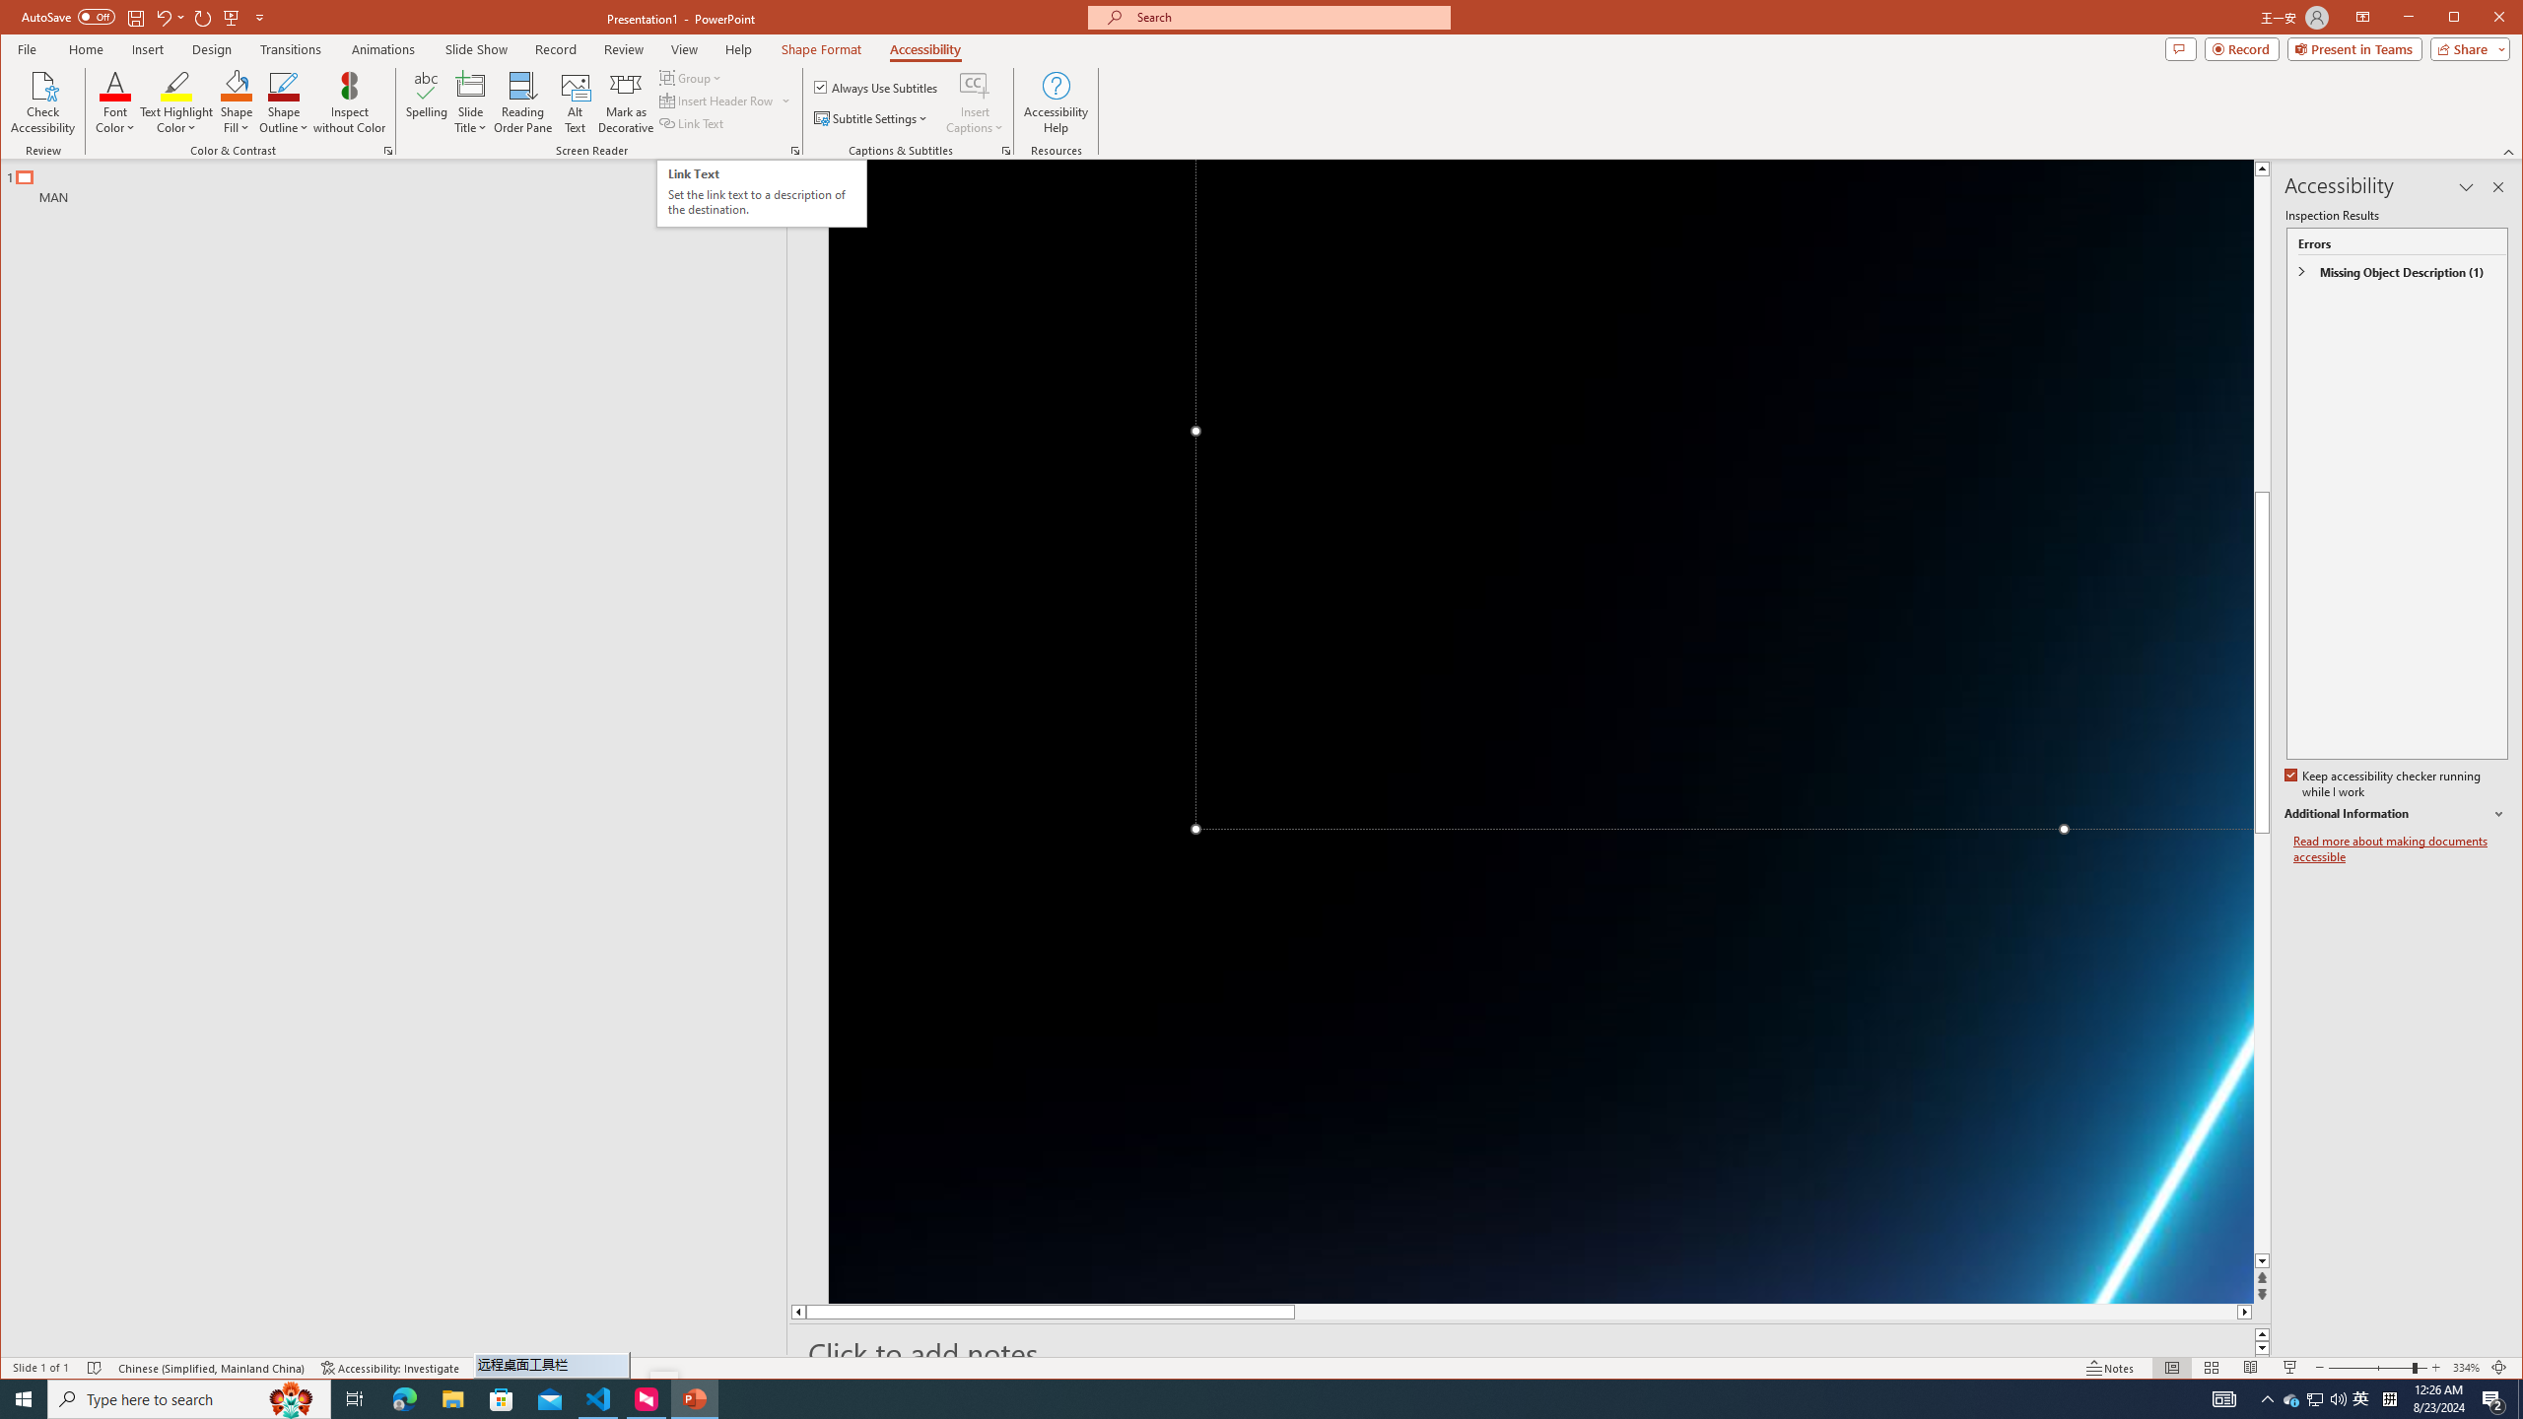 The height and width of the screenshot is (1419, 2523). What do you see at coordinates (176, 84) in the screenshot?
I see `'Text Highlight Color No Color'` at bounding box center [176, 84].